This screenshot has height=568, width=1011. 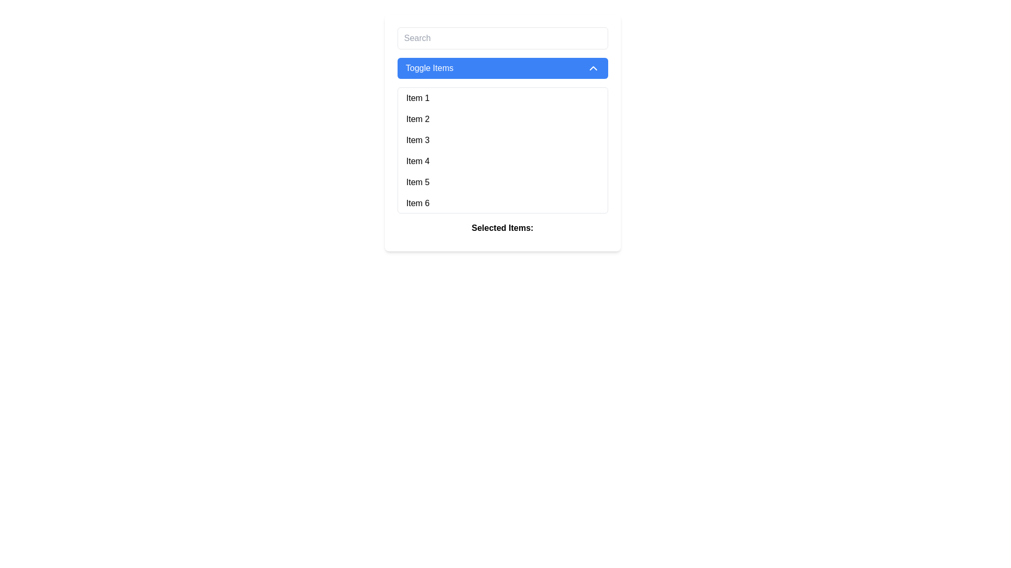 I want to click on the Label element displaying 'Selected Items:' which is styled in bold font and located beneath the selectable items list, specifically below 'Item 6', so click(x=502, y=230).